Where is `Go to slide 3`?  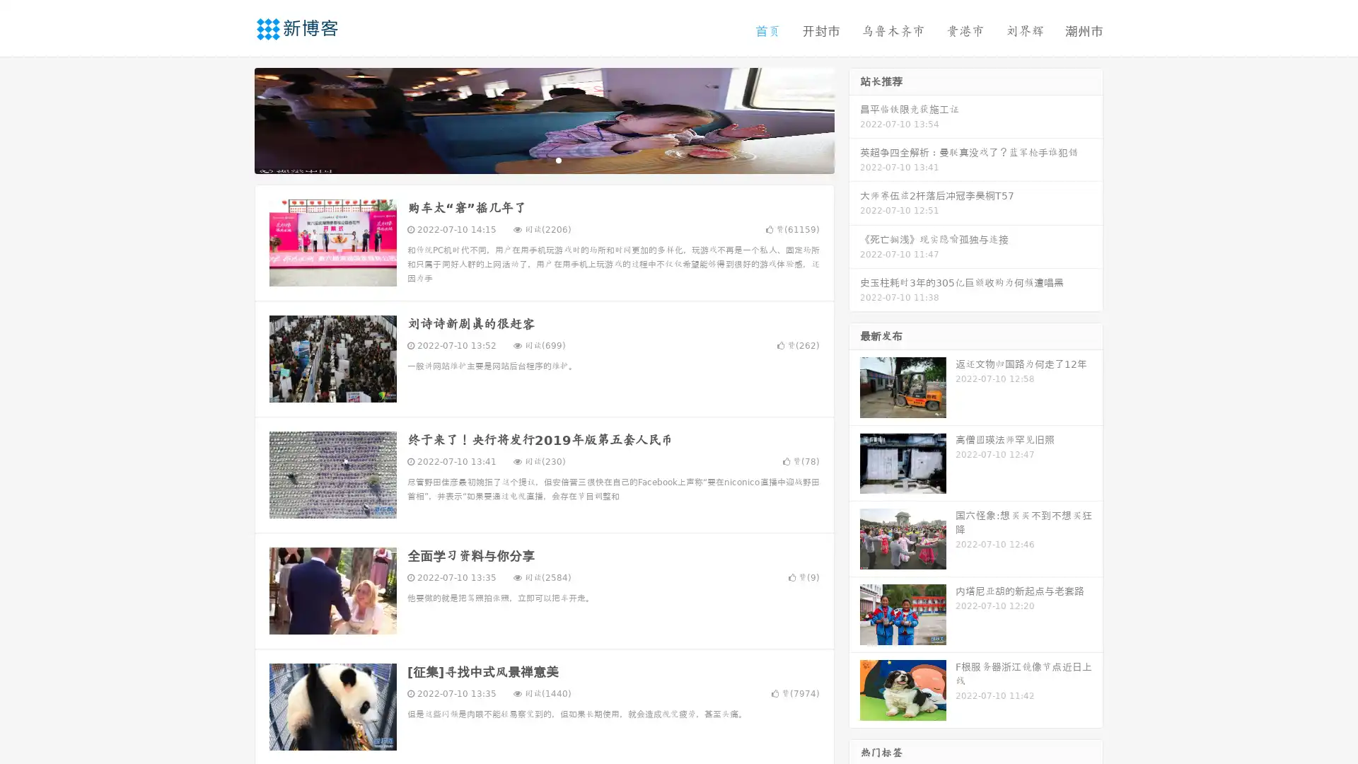 Go to slide 3 is located at coordinates (558, 159).